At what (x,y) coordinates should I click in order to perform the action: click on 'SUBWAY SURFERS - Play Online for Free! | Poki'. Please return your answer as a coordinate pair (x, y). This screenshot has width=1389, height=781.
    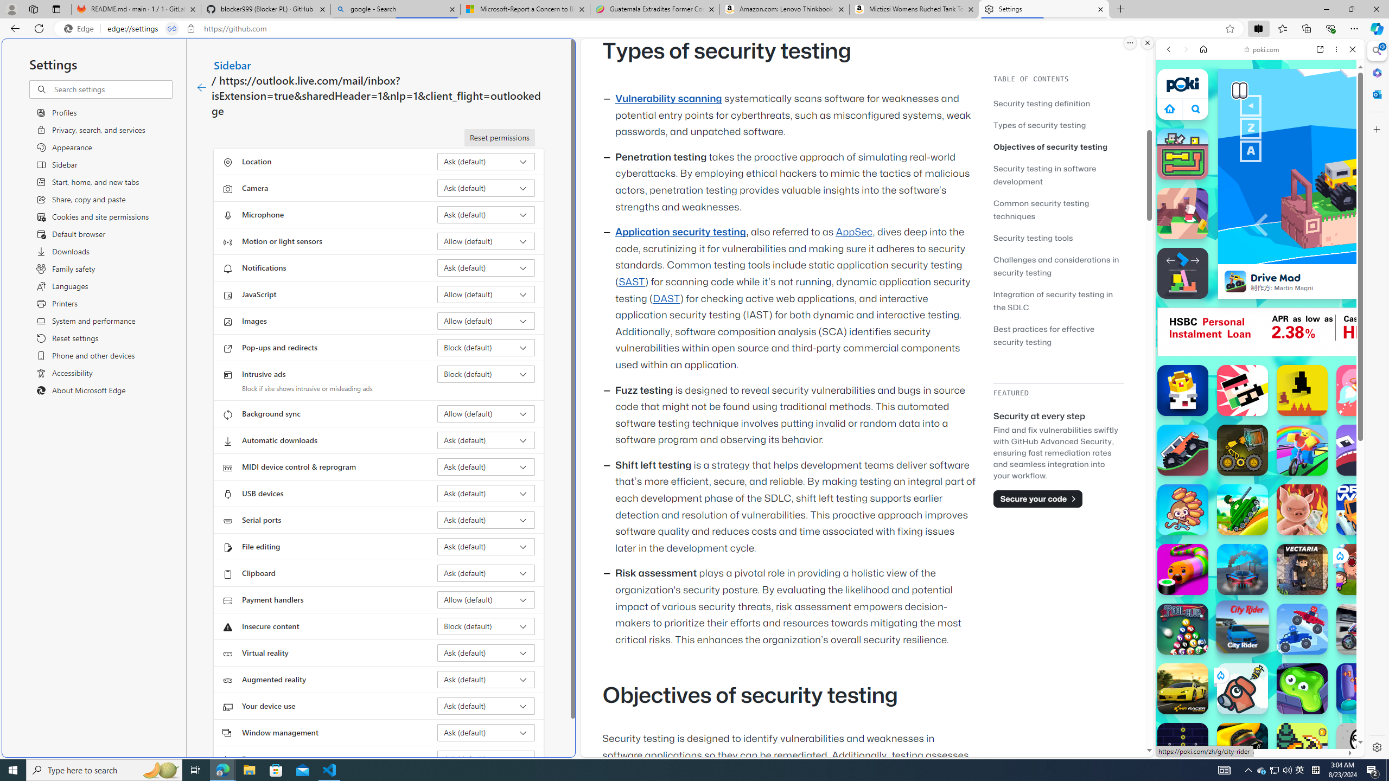
    Looking at the image, I should click on (1256, 729).